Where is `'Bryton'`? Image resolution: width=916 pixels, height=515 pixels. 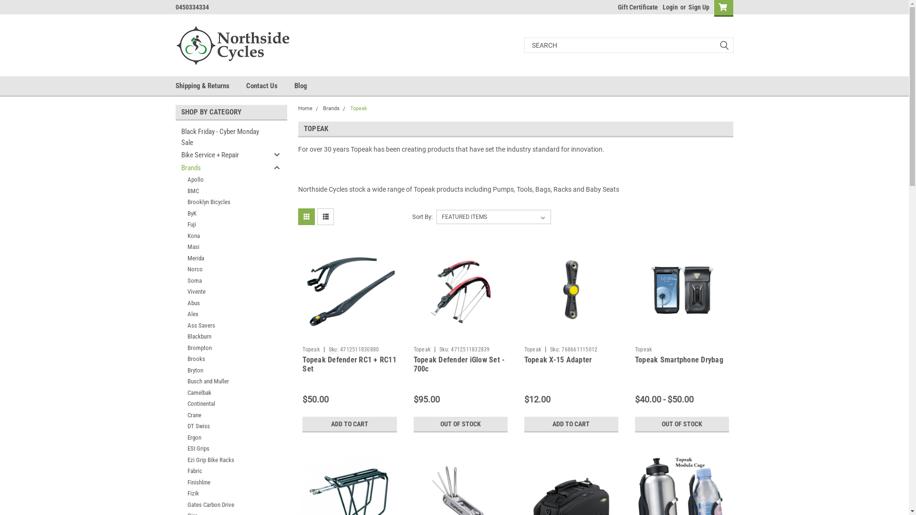
'Bryton' is located at coordinates (222, 369).